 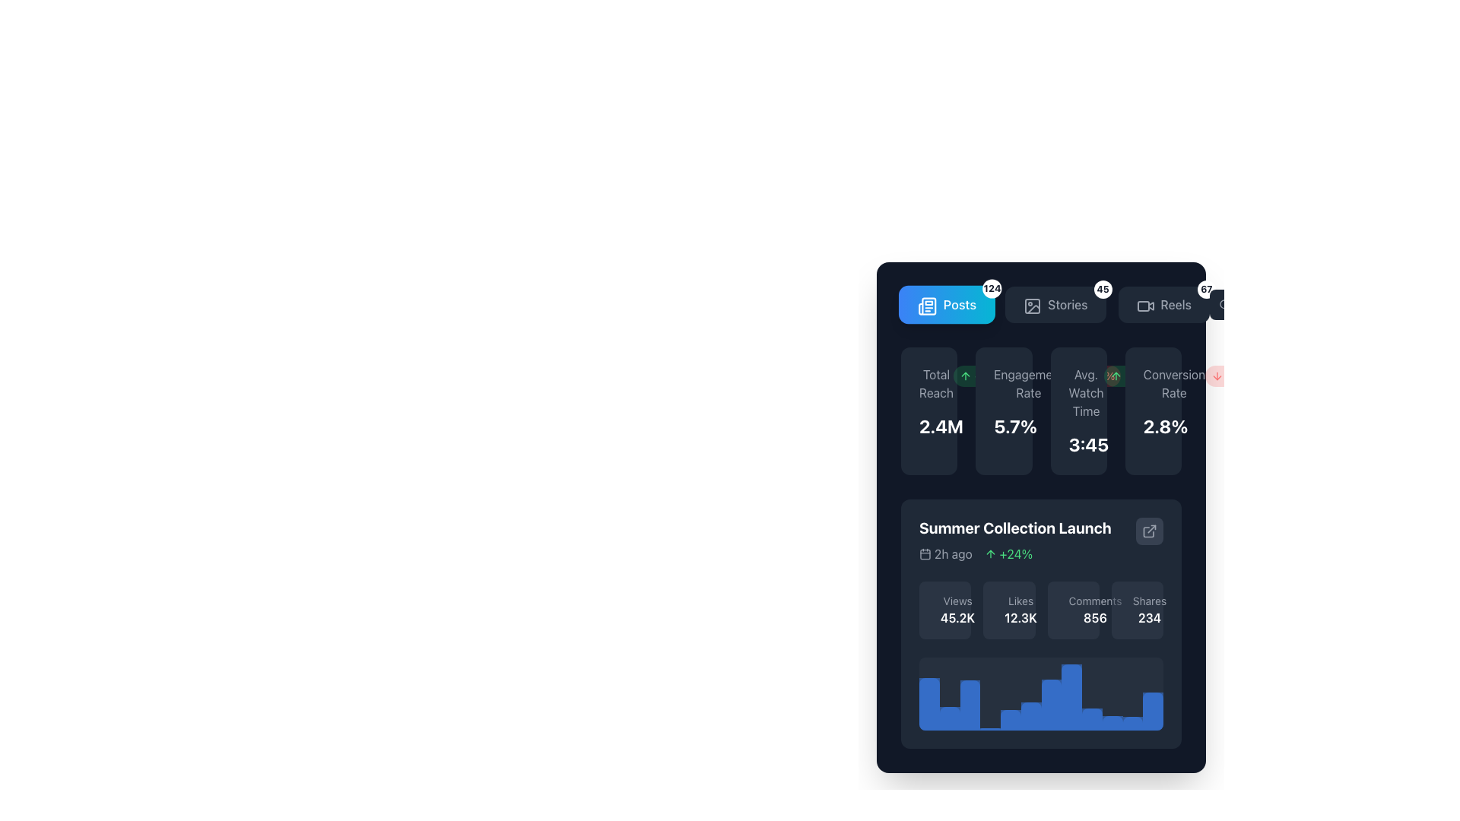 I want to click on displayed number '856' from the bold white text label located below the 'Comments' section in the social media engagement metrics for the 'Summer Collection Launch' campaign, so click(x=1095, y=618).